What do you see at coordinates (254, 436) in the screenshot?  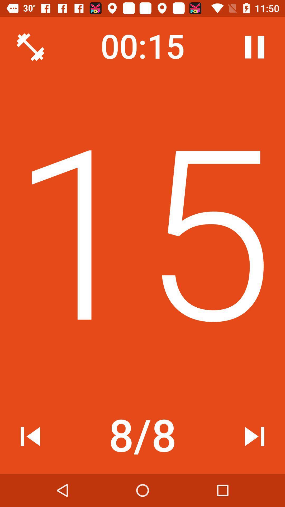 I see `the item below the 14` at bounding box center [254, 436].